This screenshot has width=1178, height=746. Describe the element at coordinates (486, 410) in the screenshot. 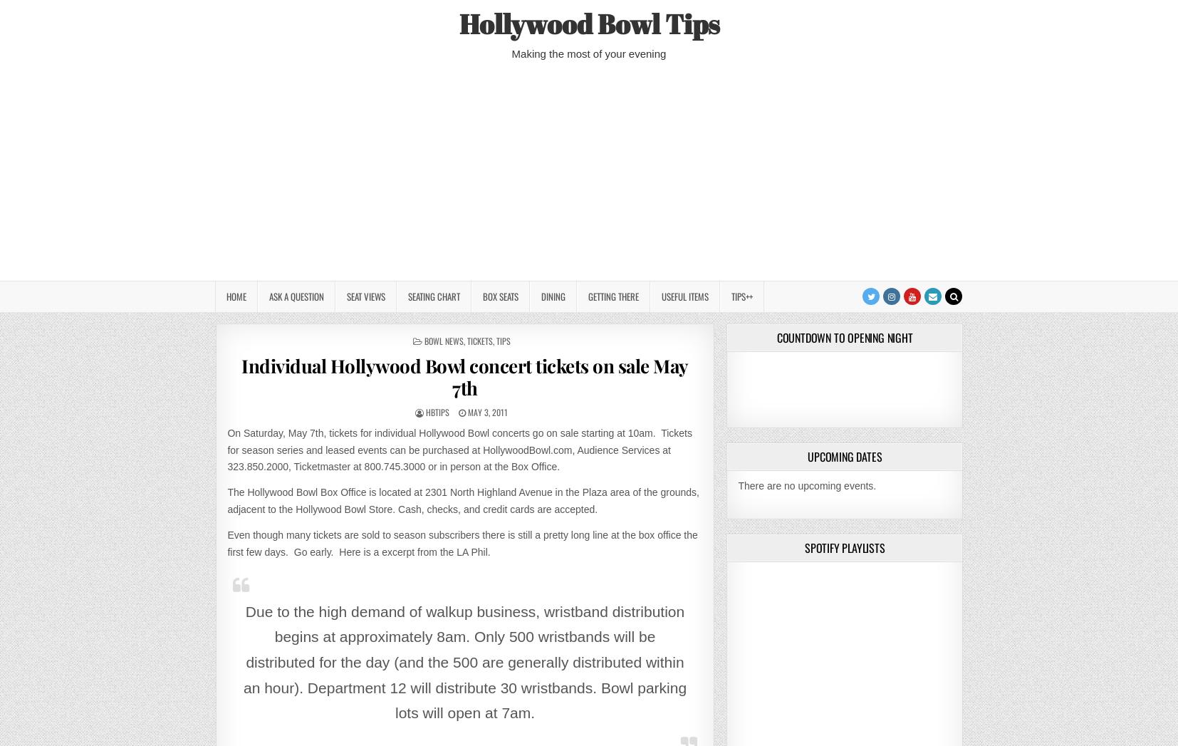

I see `'May 3, 2011'` at that location.